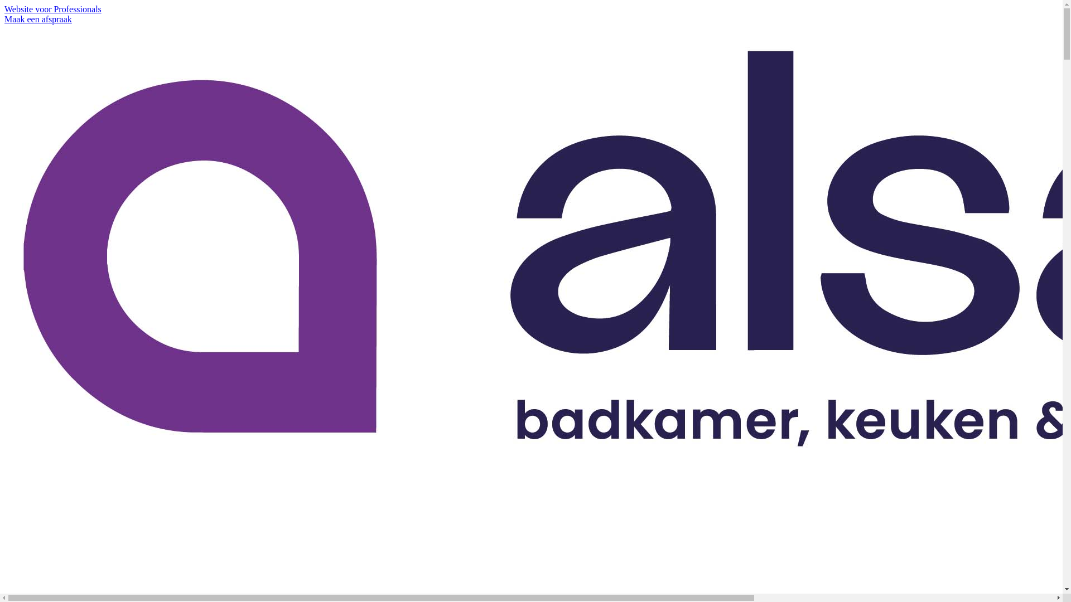 This screenshot has height=602, width=1071. I want to click on 'Maak een afspraak', so click(38, 19).